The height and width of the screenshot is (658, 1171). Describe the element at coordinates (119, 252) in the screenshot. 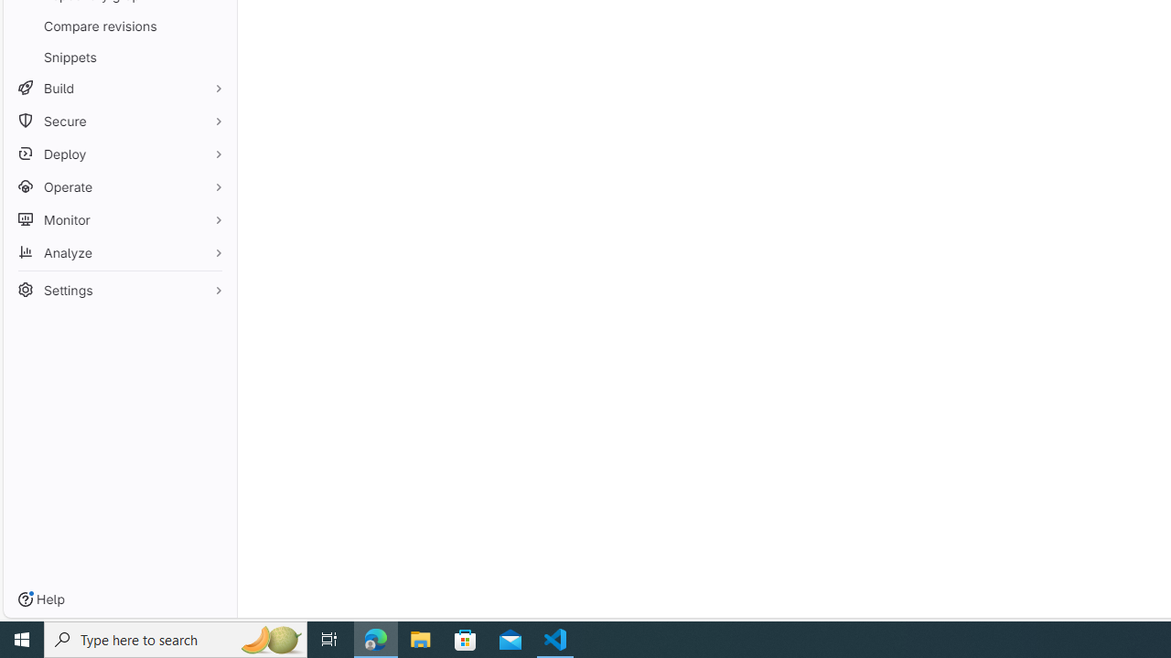

I see `'Analyze'` at that location.